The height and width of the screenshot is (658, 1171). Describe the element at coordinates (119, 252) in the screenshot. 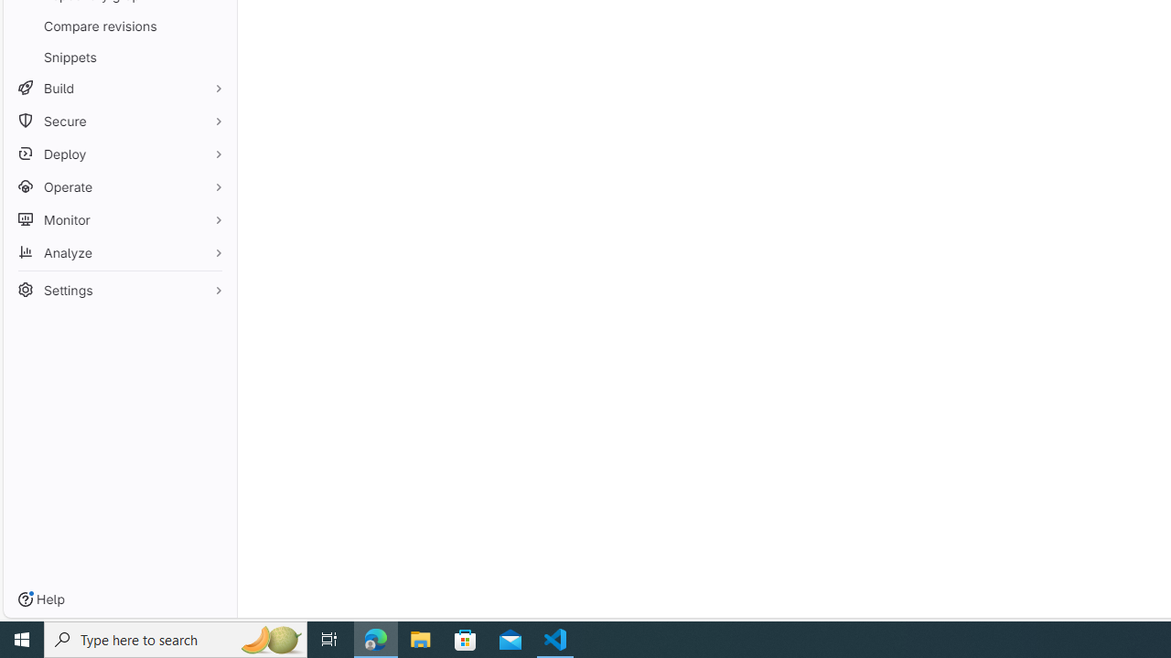

I see `'Analyze'` at that location.